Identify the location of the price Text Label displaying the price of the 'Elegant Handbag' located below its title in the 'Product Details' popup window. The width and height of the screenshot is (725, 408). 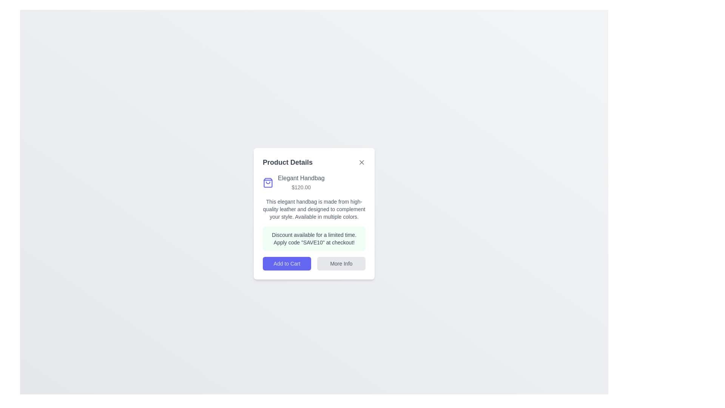
(301, 187).